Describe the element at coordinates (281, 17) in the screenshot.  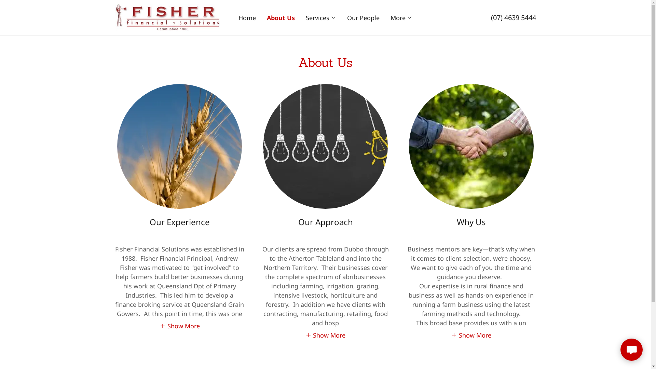
I see `'About Us'` at that location.